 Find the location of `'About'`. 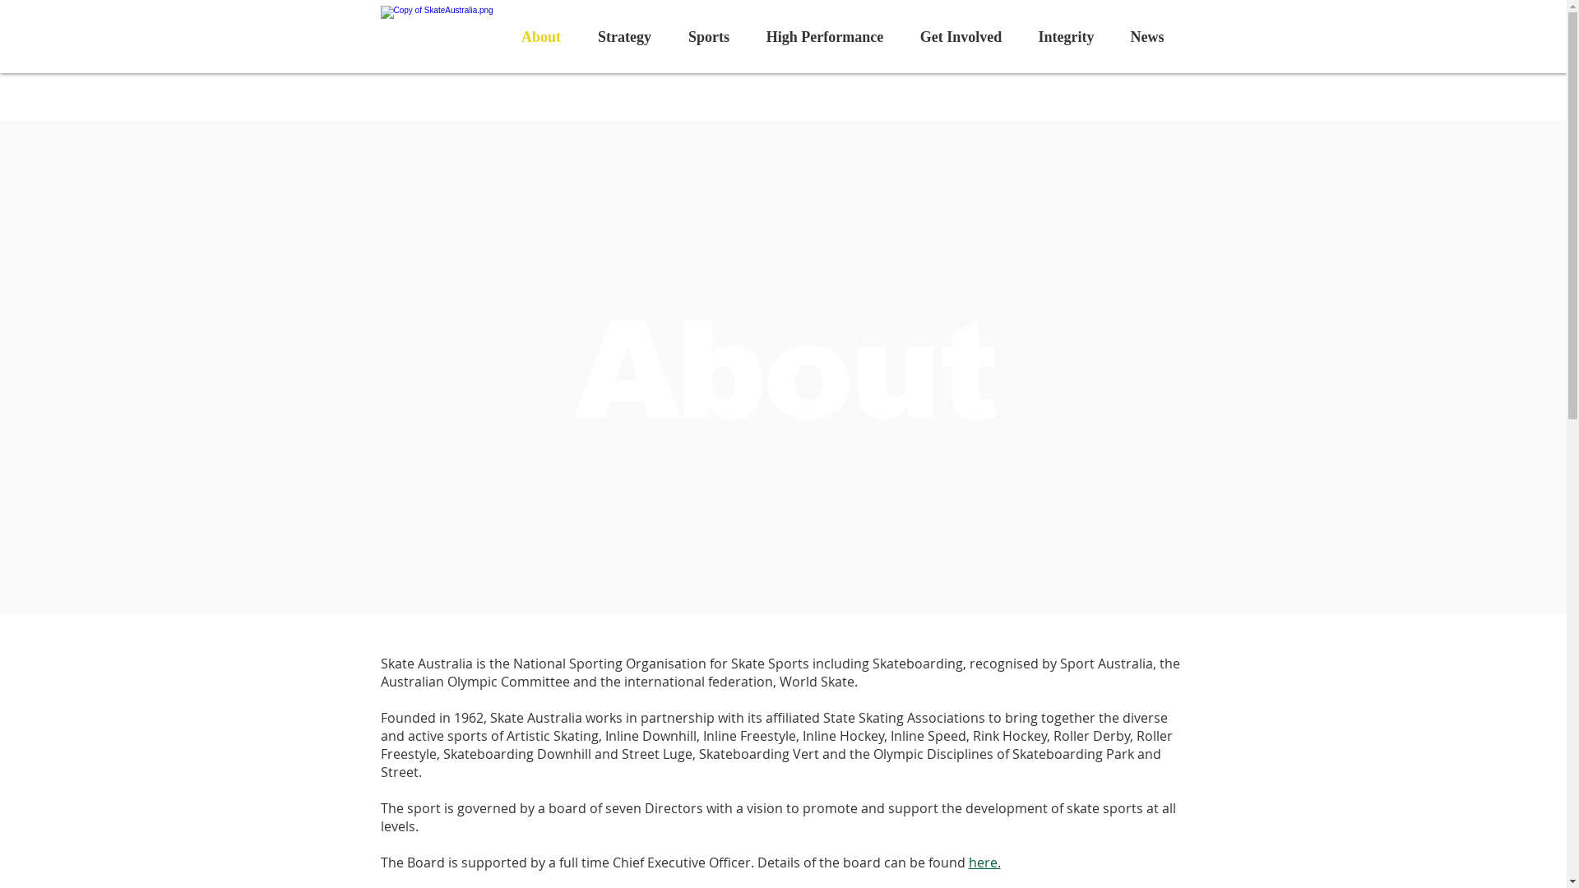

'About' is located at coordinates (541, 37).